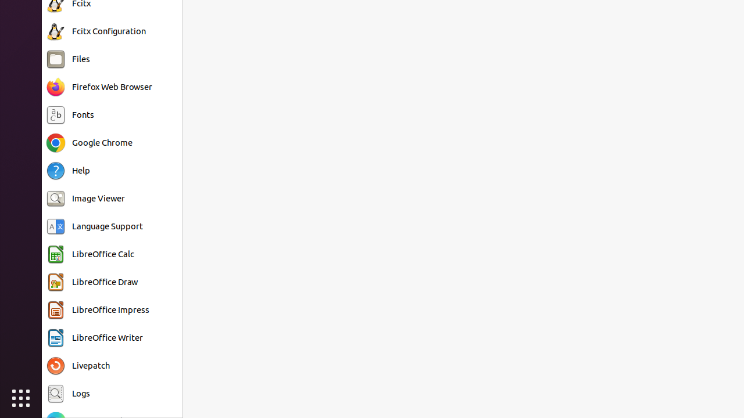  I want to click on 'LibreOffice Calc', so click(103, 253).